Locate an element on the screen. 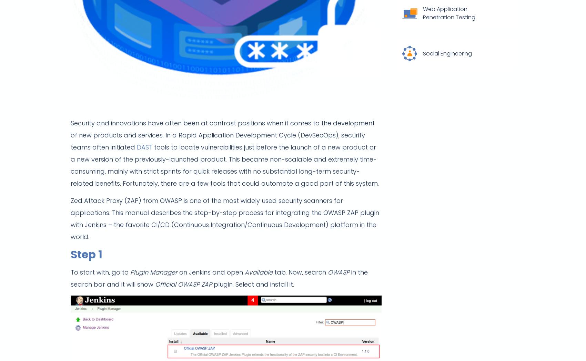 This screenshot has width=586, height=361. 'Official OWASP ZAP' is located at coordinates (183, 284).